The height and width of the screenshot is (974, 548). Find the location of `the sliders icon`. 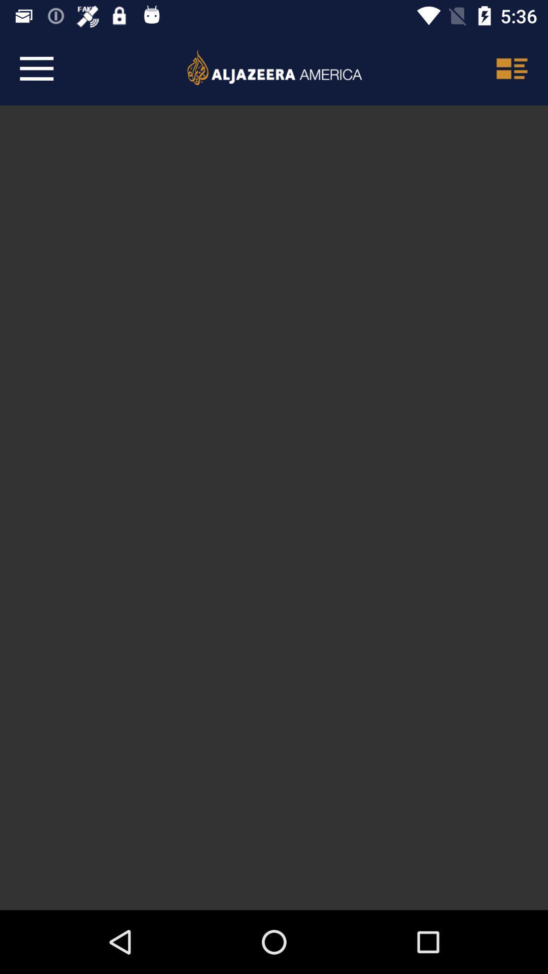

the sliders icon is located at coordinates (511, 68).